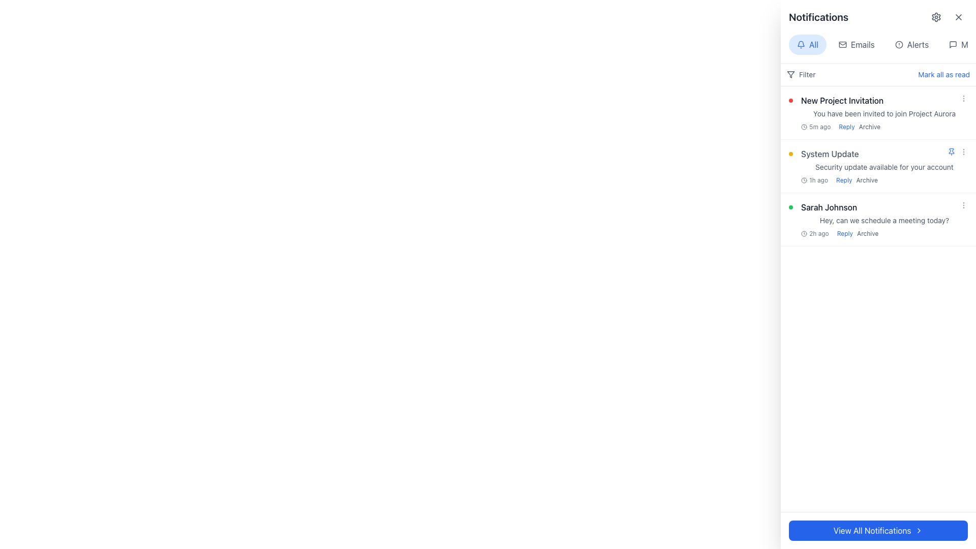 The height and width of the screenshot is (549, 976). What do you see at coordinates (943, 74) in the screenshot?
I see `the blue-colored link-style text element displaying 'Mark all as read' to change its text color to a darker blue` at bounding box center [943, 74].